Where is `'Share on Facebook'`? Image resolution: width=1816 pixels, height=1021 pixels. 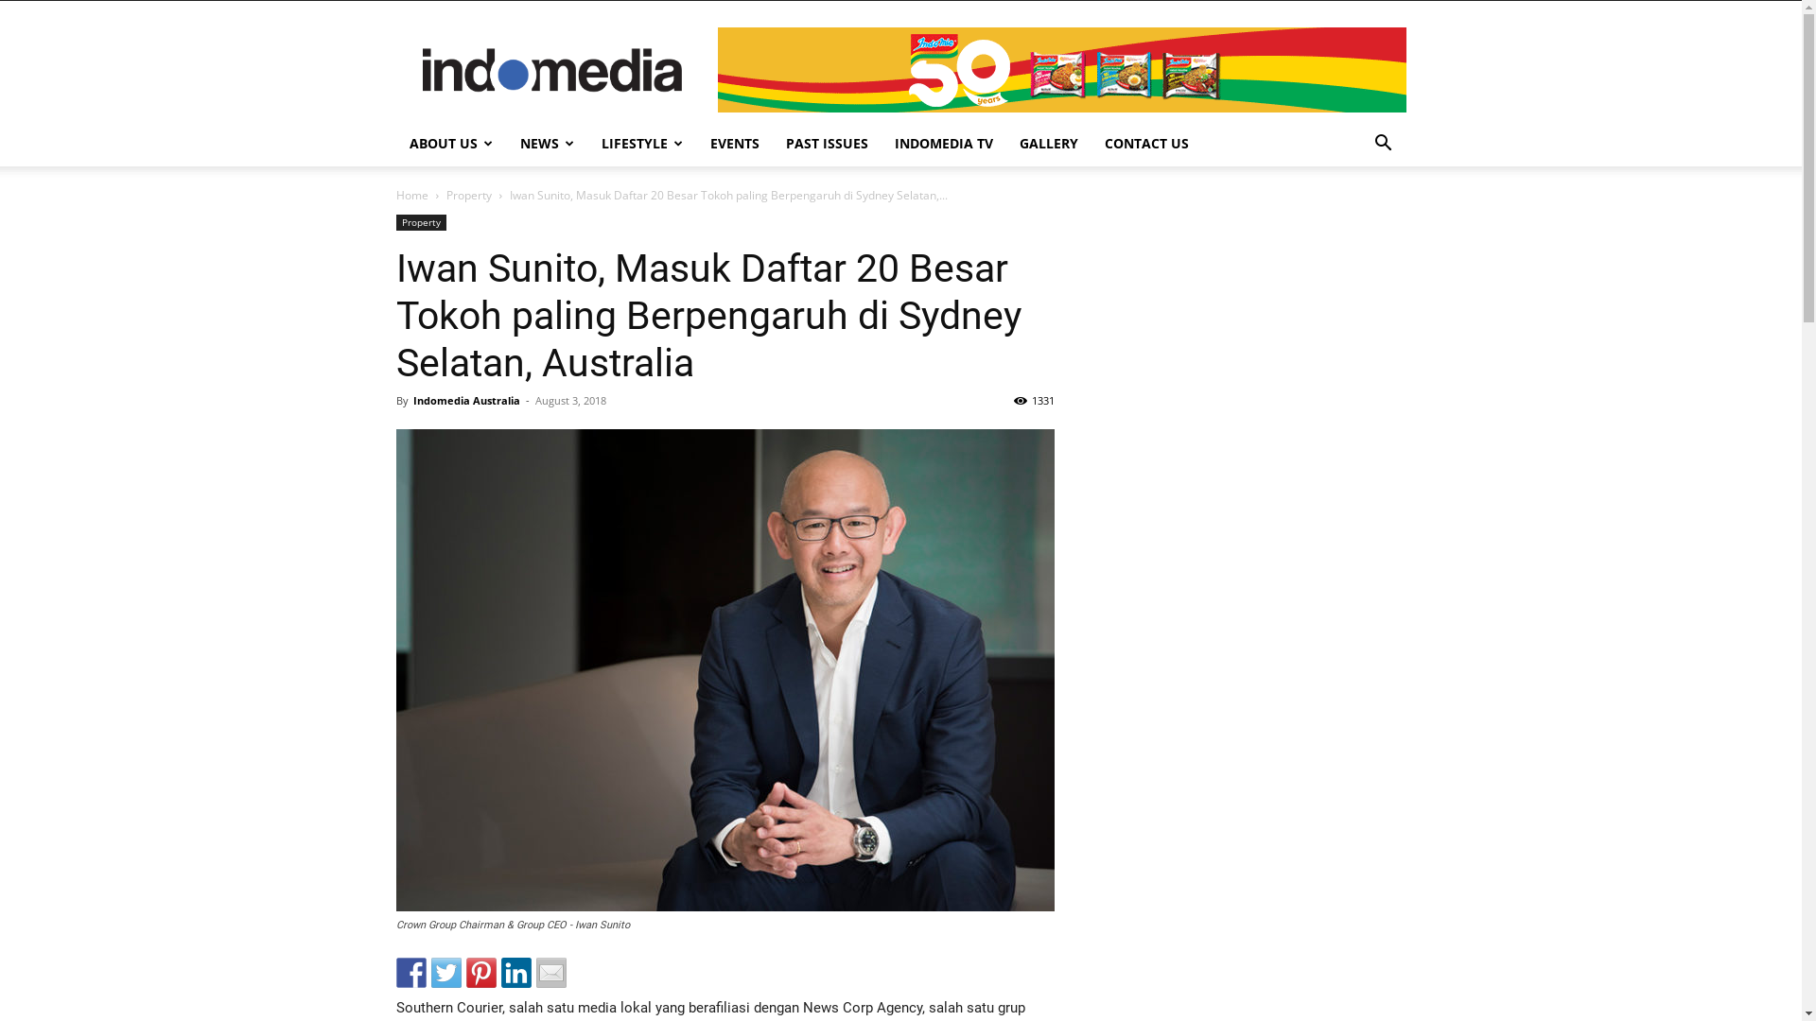
'Share on Facebook' is located at coordinates (393, 973).